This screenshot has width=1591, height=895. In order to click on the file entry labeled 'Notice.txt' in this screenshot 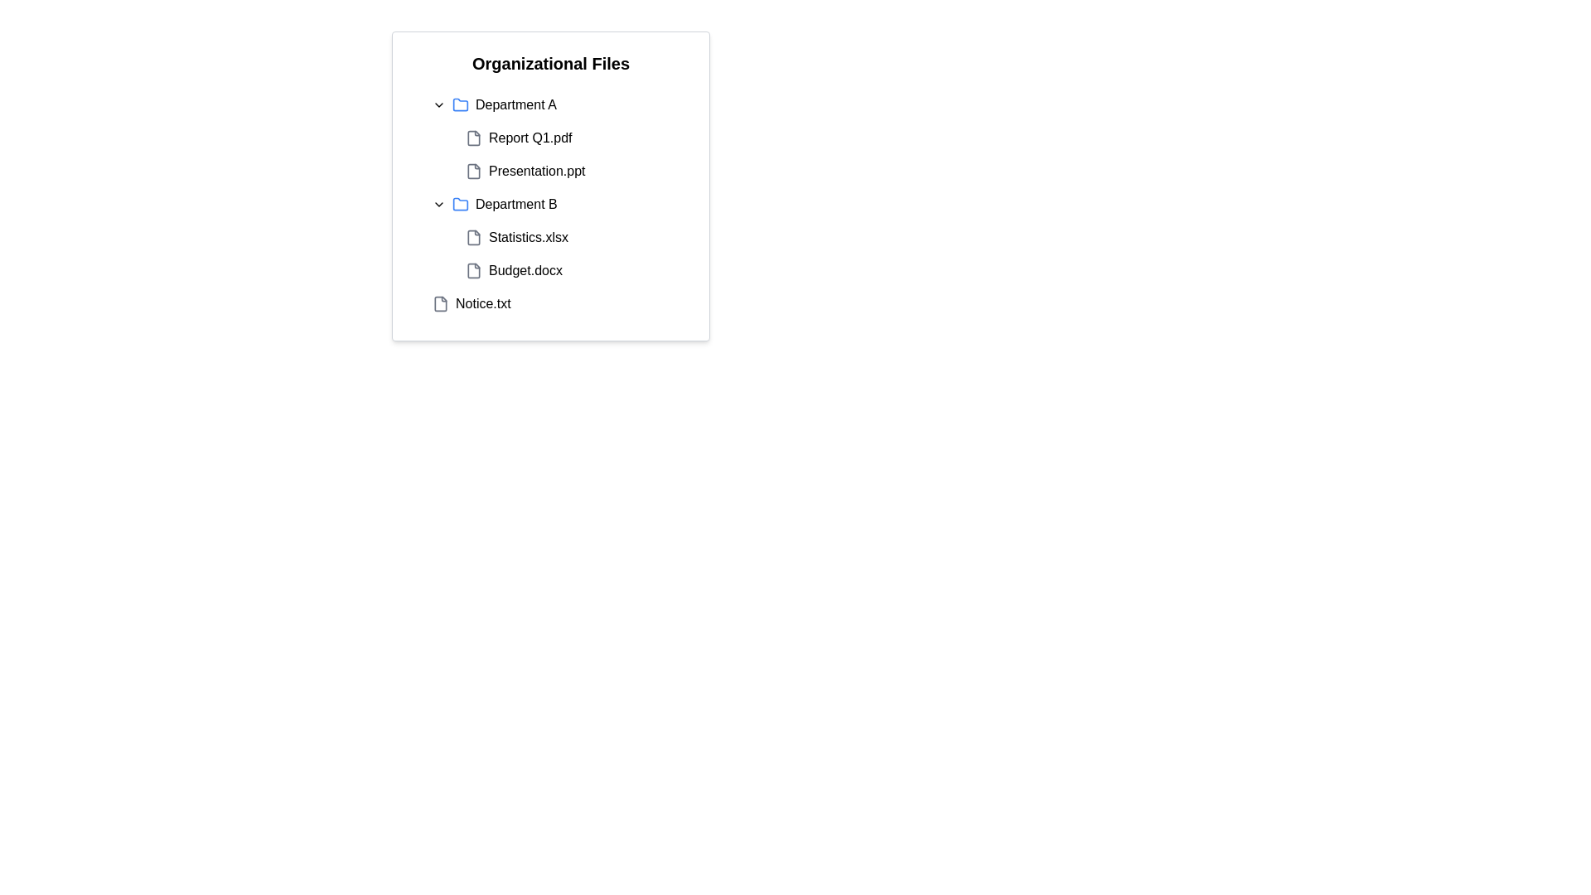, I will do `click(482, 303)`.